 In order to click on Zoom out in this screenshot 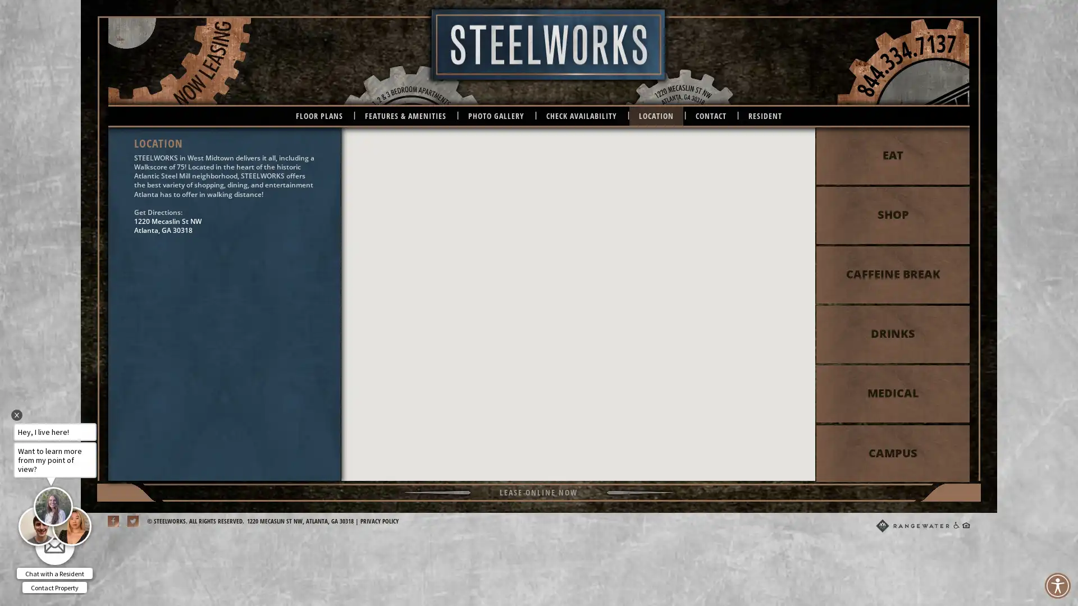, I will do `click(797, 456)`.